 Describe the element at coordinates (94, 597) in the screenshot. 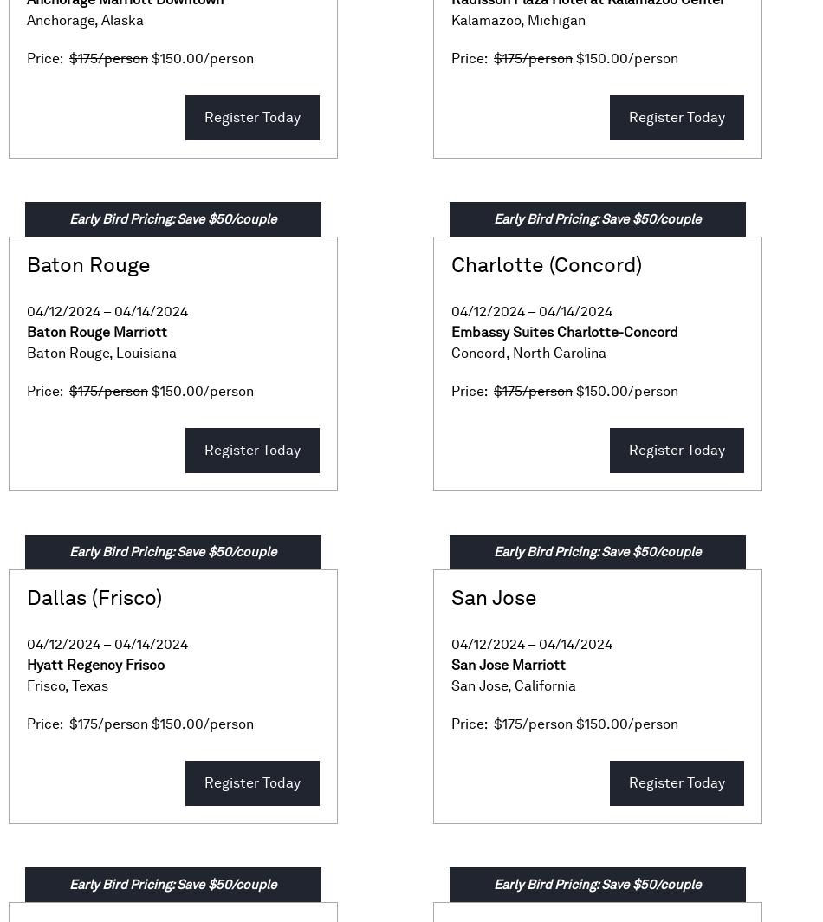

I see `'Dallas (Frisco)'` at that location.